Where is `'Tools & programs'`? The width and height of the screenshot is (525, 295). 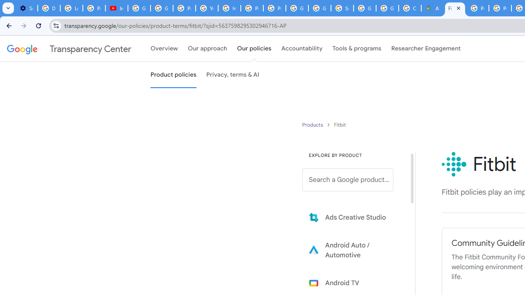 'Tools & programs' is located at coordinates (356, 49).